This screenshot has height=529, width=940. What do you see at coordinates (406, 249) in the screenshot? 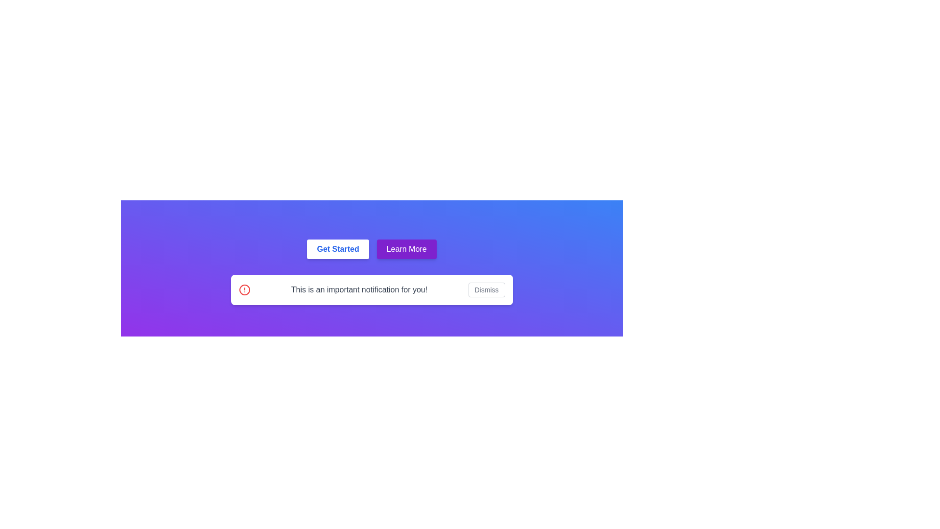
I see `the purple 'Learn More' button, which is a rounded rectangle with white text` at bounding box center [406, 249].